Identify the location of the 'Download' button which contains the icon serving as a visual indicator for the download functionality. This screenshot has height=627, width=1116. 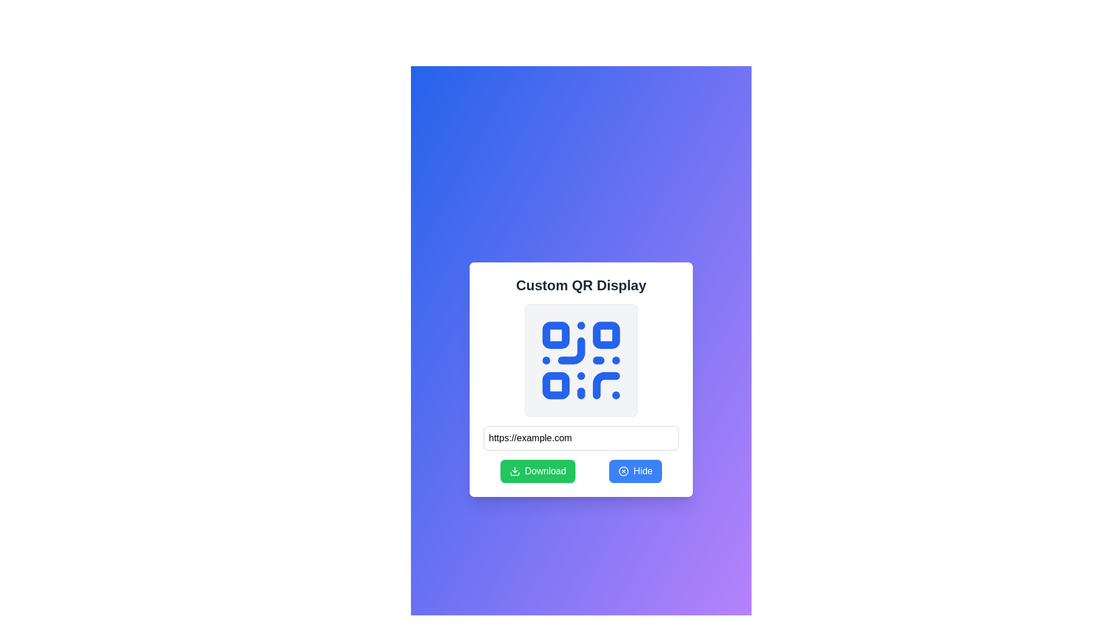
(514, 471).